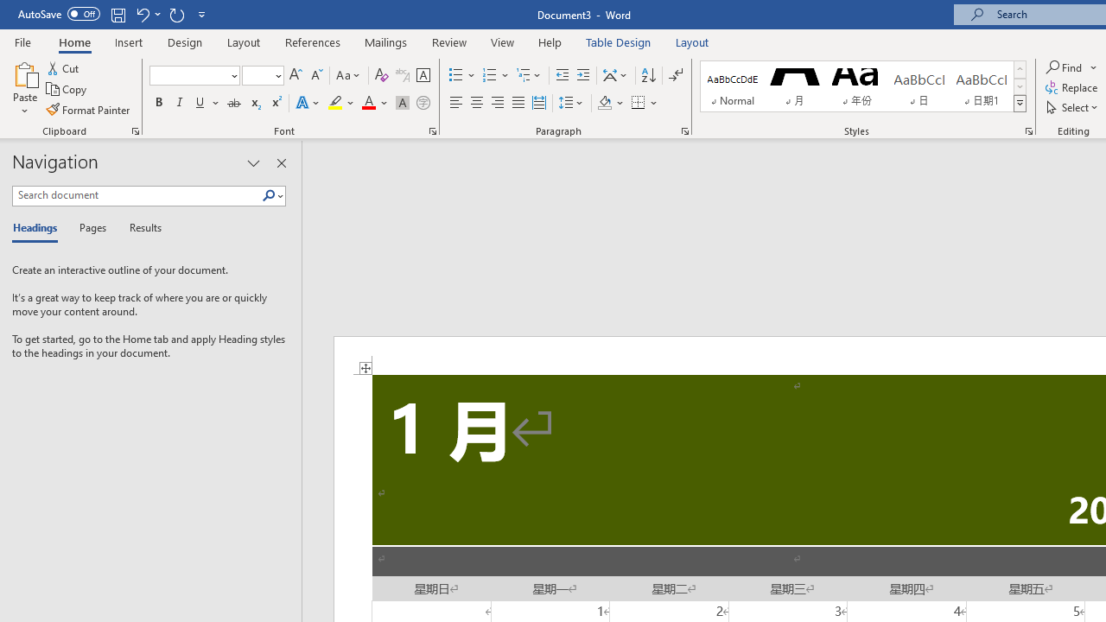 This screenshot has width=1106, height=622. What do you see at coordinates (863, 86) in the screenshot?
I see `'AutomationID: QuickStylesGallery'` at bounding box center [863, 86].